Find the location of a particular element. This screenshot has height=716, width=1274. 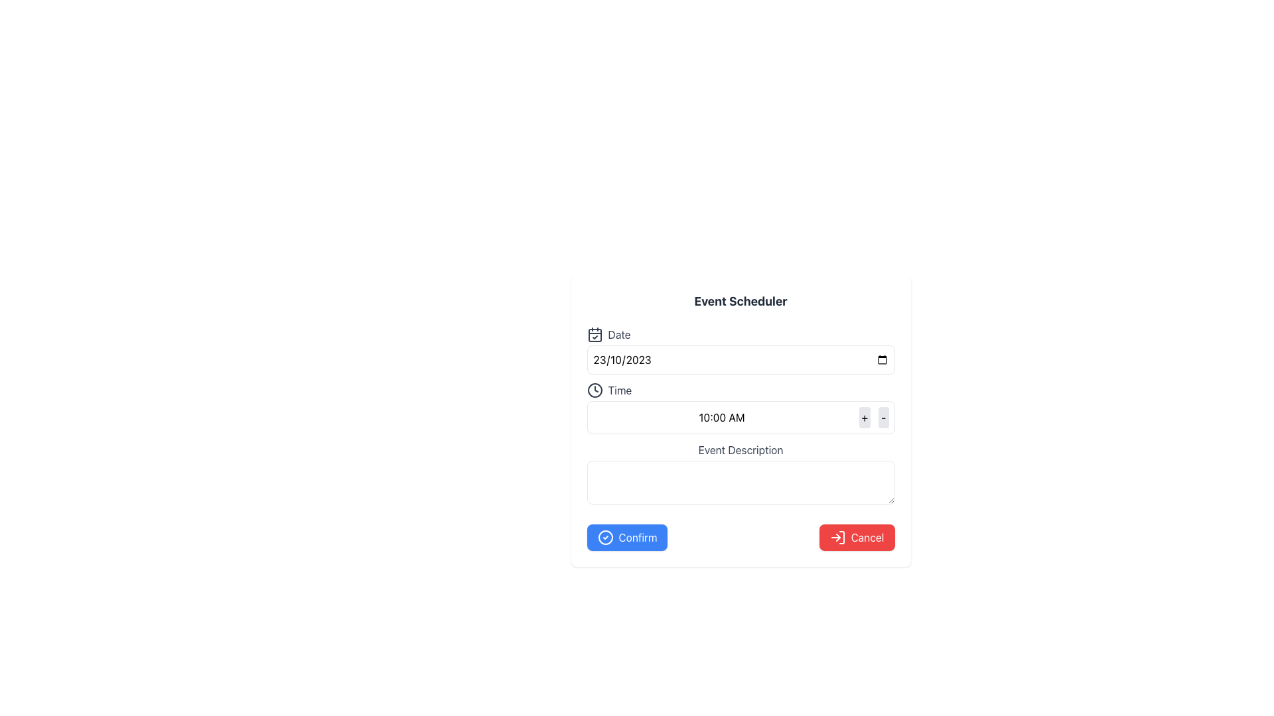

the calendar icon with a tick mark located next to the label 'Date' in the 'Event Scheduler' card is located at coordinates (594, 334).